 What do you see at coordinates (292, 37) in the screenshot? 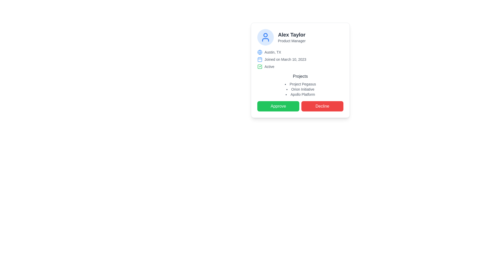
I see `the user card label displaying 'Alex Taylor' and 'Product Manager' located in the upper-right portion of the card` at bounding box center [292, 37].